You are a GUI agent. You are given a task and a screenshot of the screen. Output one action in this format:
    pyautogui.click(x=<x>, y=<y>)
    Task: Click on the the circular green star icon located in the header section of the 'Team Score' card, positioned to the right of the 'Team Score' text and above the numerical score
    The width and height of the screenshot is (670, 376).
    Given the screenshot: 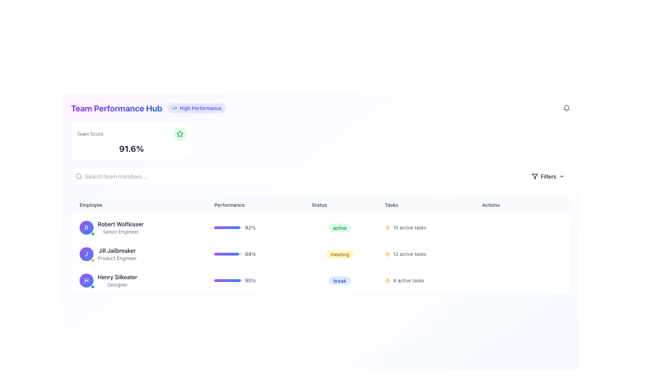 What is the action you would take?
    pyautogui.click(x=180, y=134)
    